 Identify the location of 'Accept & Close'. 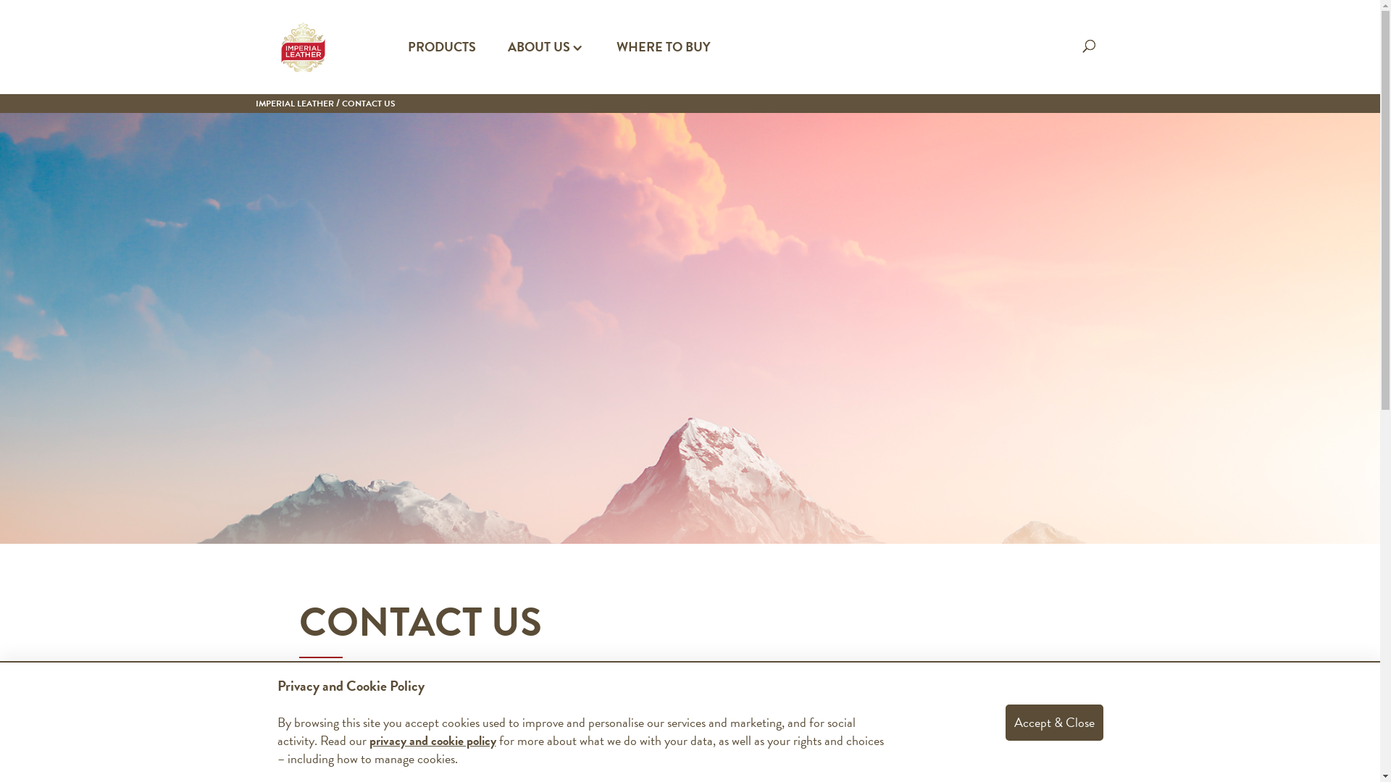
(1054, 721).